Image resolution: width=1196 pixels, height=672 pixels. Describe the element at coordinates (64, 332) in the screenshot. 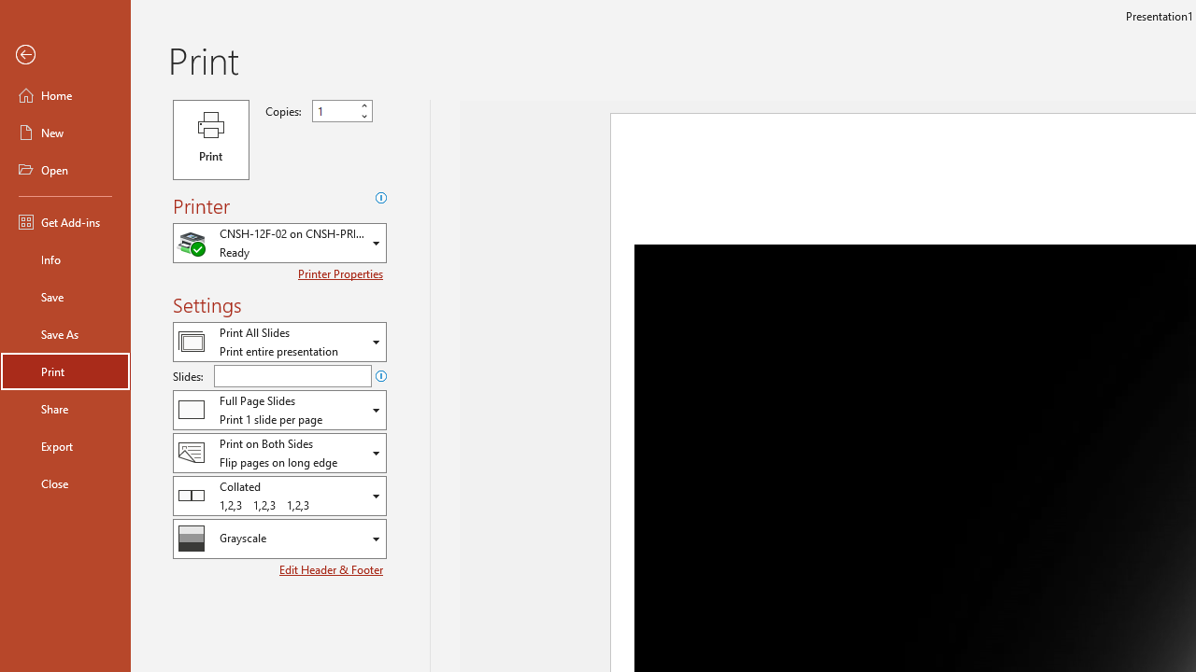

I see `'Save As'` at that location.